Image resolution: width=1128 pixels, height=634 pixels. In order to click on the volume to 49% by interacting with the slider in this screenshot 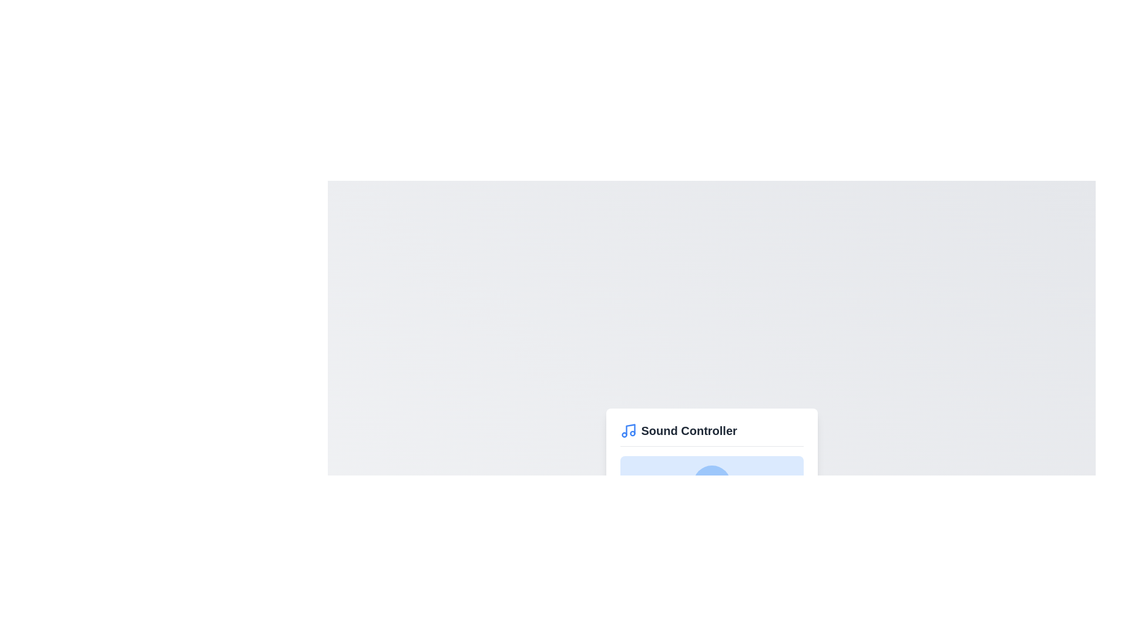, I will do `click(709, 526)`.